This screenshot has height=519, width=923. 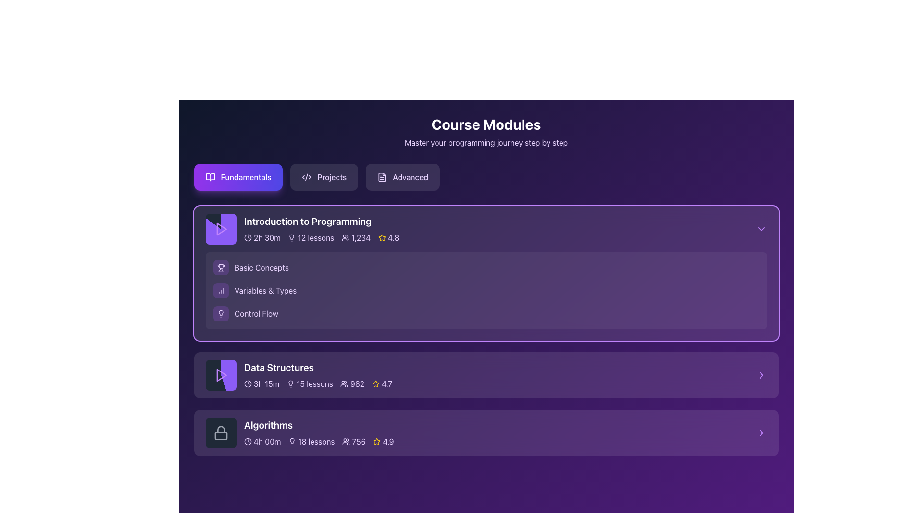 I want to click on the Play icon (triangular button) located in the 'Data Structures' module card, so click(x=221, y=374).